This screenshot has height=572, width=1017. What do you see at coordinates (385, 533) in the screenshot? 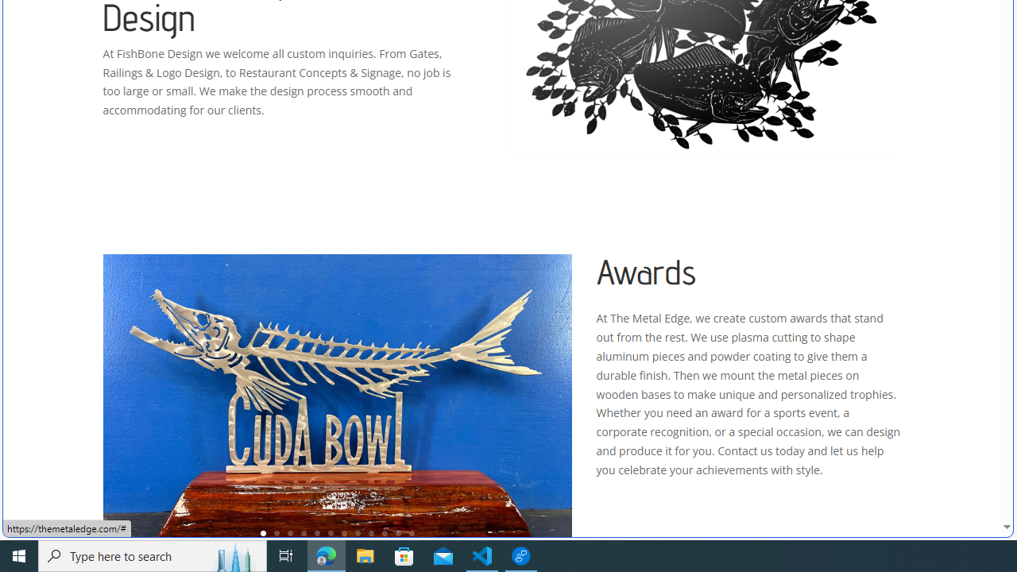
I see `'10'` at bounding box center [385, 533].